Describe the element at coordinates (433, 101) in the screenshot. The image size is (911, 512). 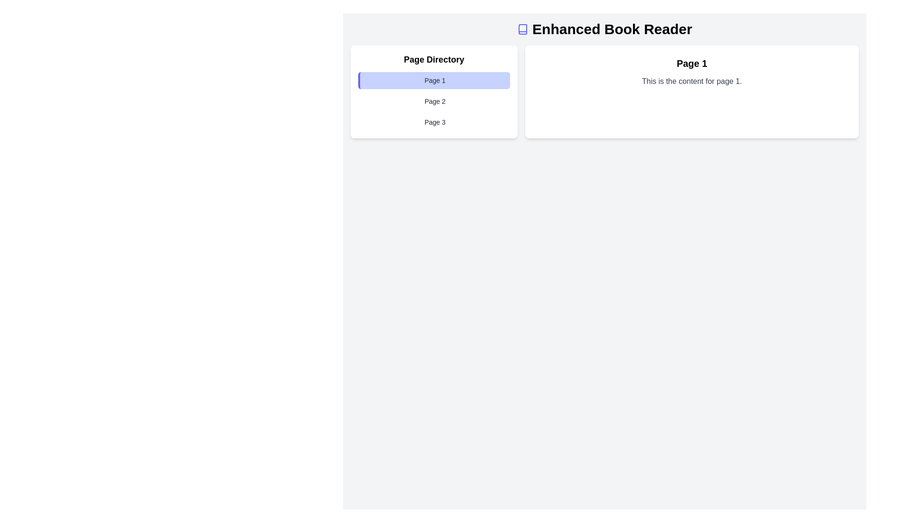
I see `the navigation item labeled 'Page 2' in the List of navigation items located under the 'Page Directory' header` at that location.